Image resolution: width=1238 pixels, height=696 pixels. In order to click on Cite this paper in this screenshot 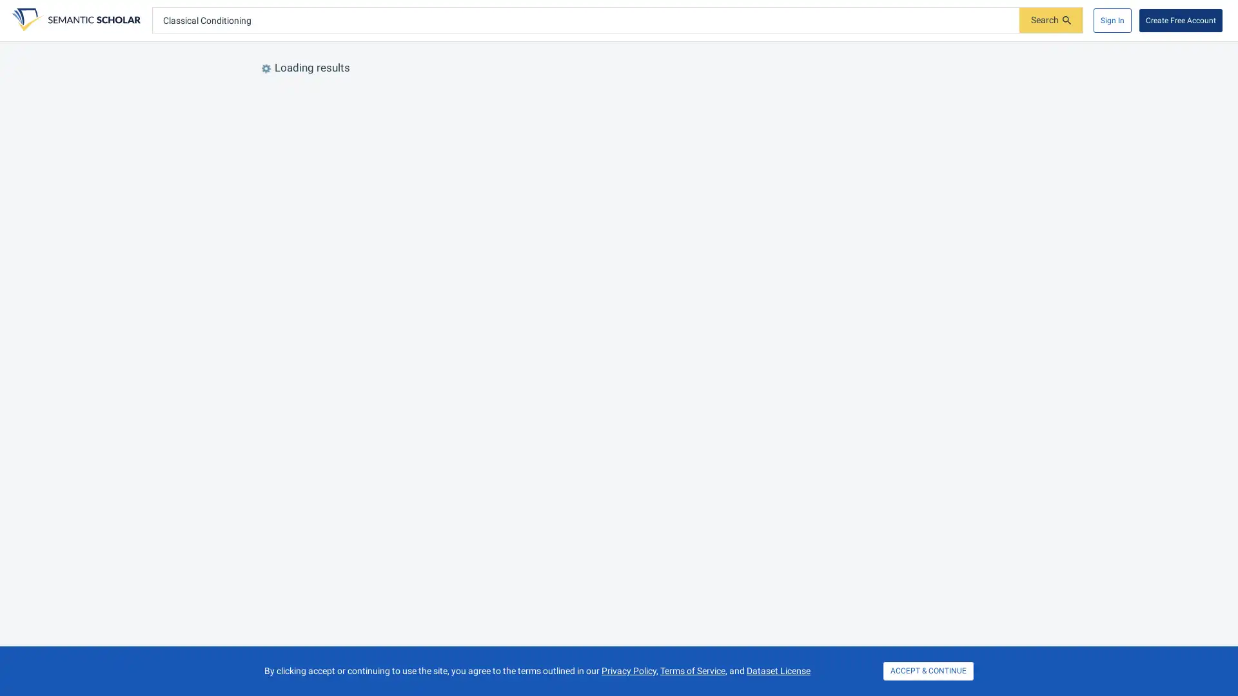, I will do `click(488, 353)`.